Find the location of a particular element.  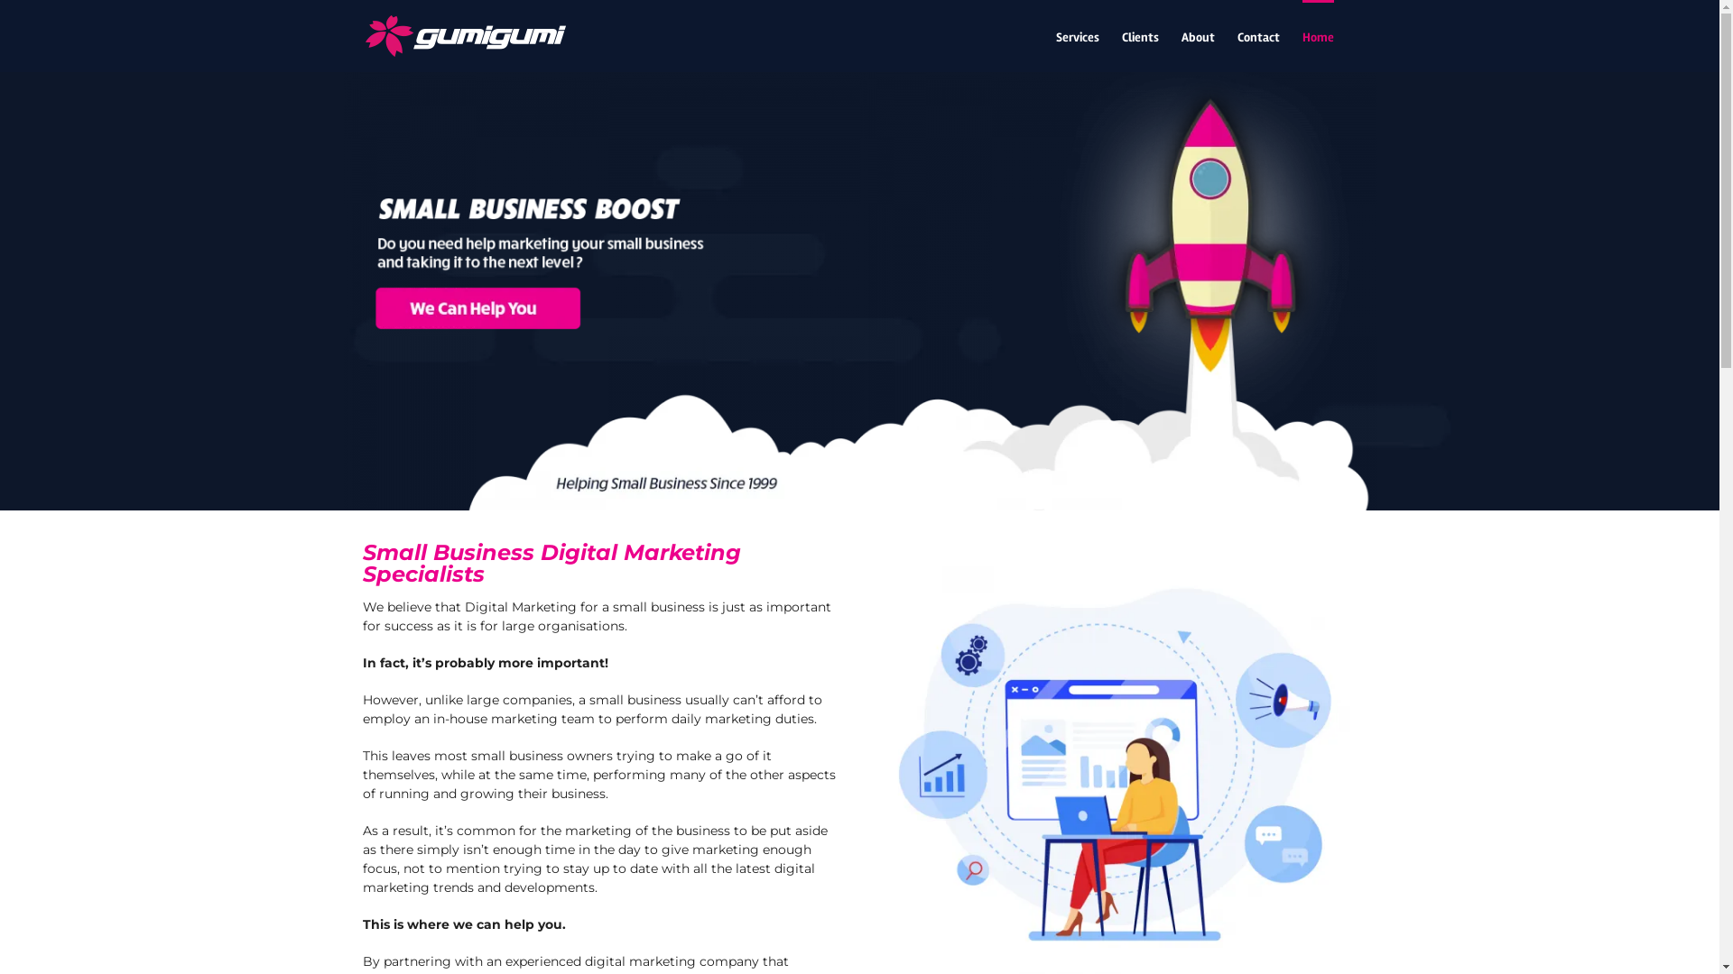

'Digital Marketing For Small Business' is located at coordinates (1117, 290).